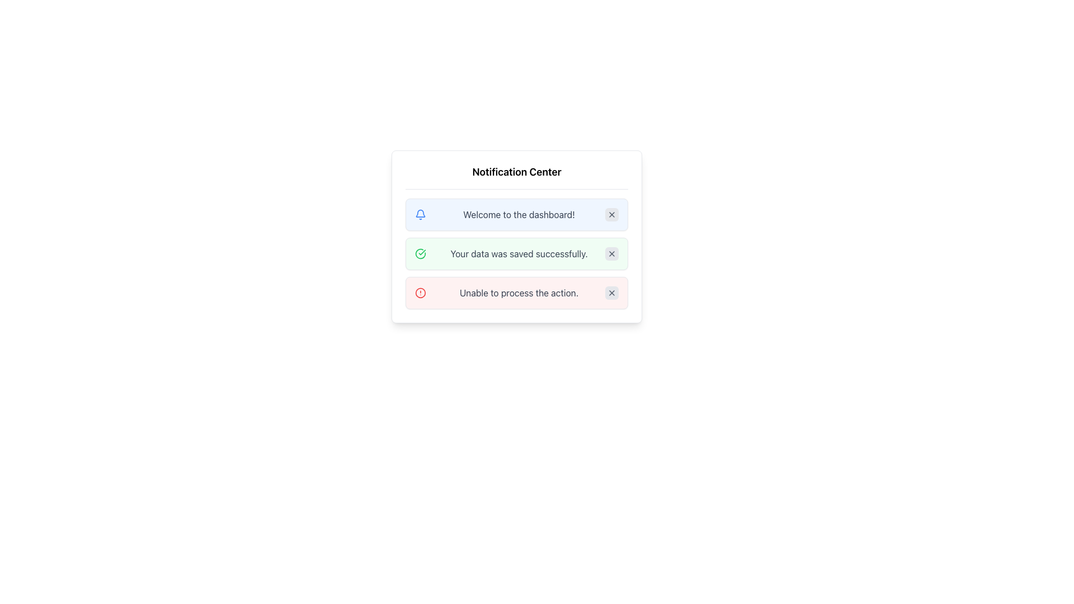  What do you see at coordinates (420, 292) in the screenshot?
I see `the circular red alert icon located to the left of the text 'Unable to process the action.' in the bottom notification of the notification list` at bounding box center [420, 292].